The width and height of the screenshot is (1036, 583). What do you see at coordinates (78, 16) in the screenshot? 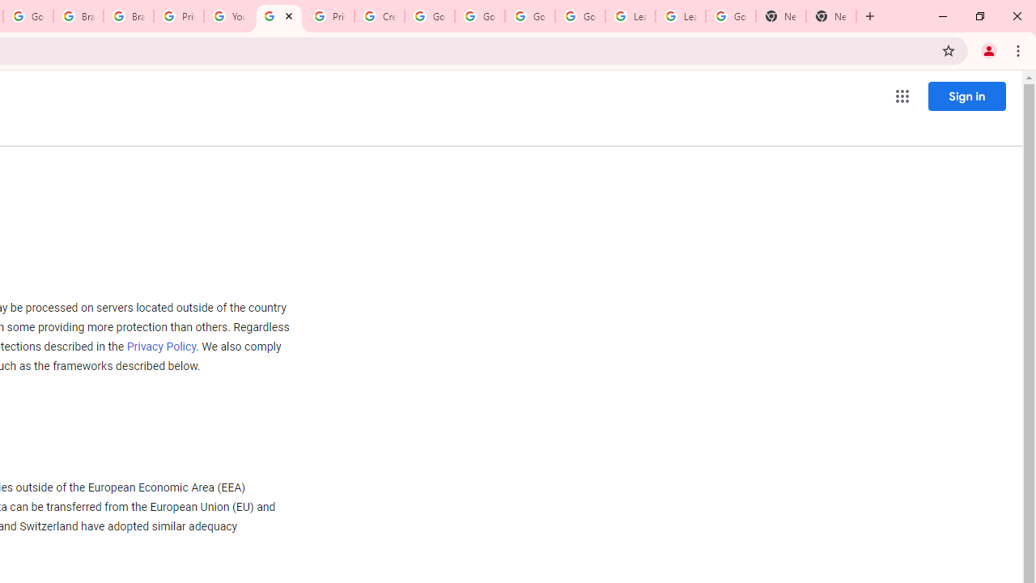
I see `'Brand Resource Center'` at bounding box center [78, 16].